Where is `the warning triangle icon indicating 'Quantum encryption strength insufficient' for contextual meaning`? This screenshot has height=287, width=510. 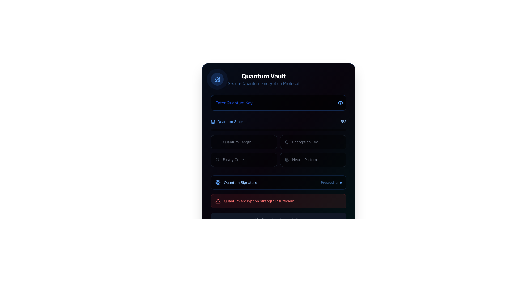 the warning triangle icon indicating 'Quantum encryption strength insufficient' for contextual meaning is located at coordinates (218, 201).